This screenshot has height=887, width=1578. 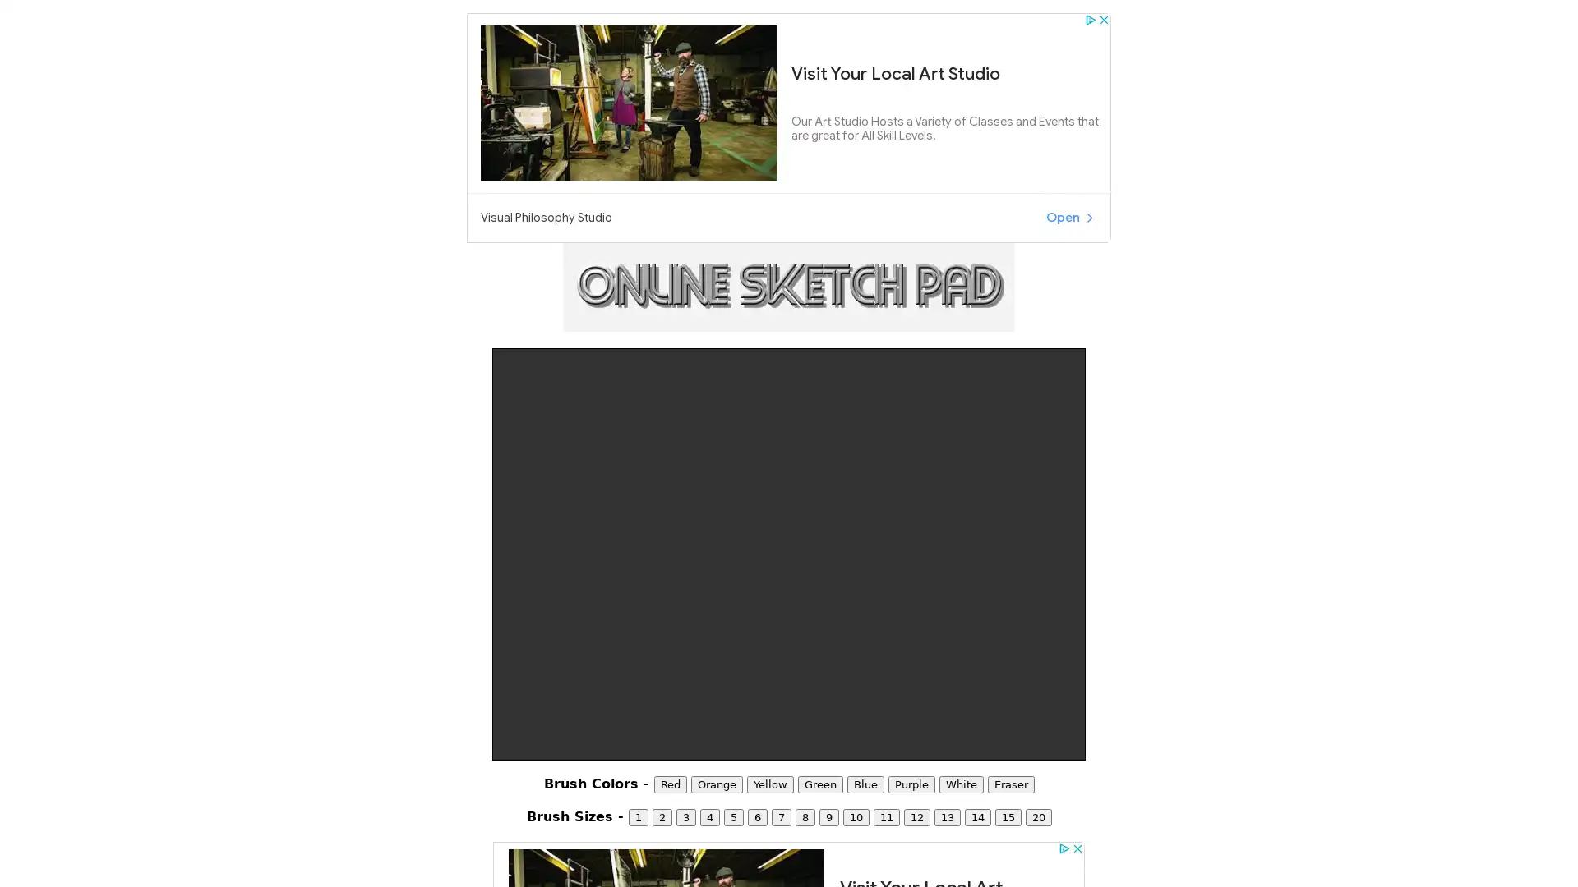 I want to click on Yellow, so click(x=768, y=784).